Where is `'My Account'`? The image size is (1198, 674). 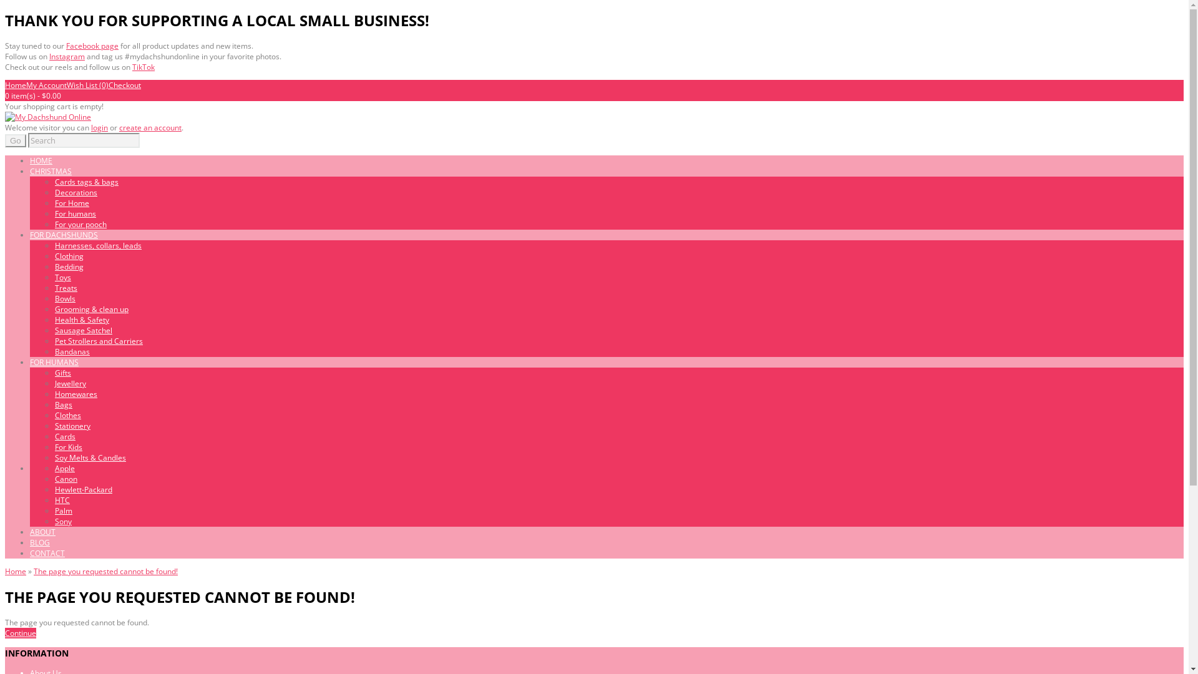 'My Account' is located at coordinates (46, 84).